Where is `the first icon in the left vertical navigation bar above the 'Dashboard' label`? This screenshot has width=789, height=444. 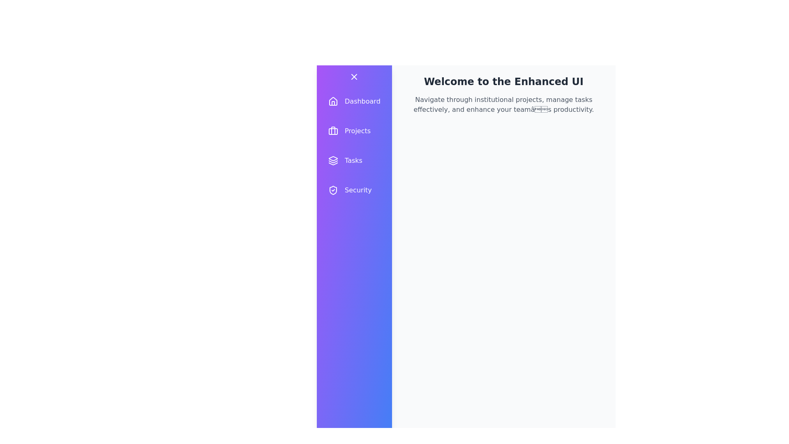 the first icon in the left vertical navigation bar above the 'Dashboard' label is located at coordinates (333, 101).